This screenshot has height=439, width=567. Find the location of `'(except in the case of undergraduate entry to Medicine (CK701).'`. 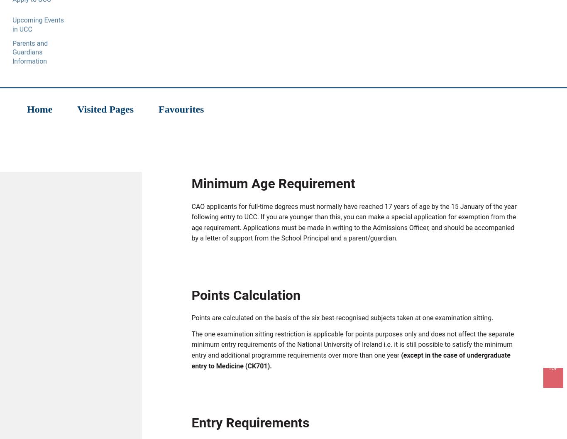

'(except in the case of undergraduate entry to Medicine (CK701).' is located at coordinates (350, 362).